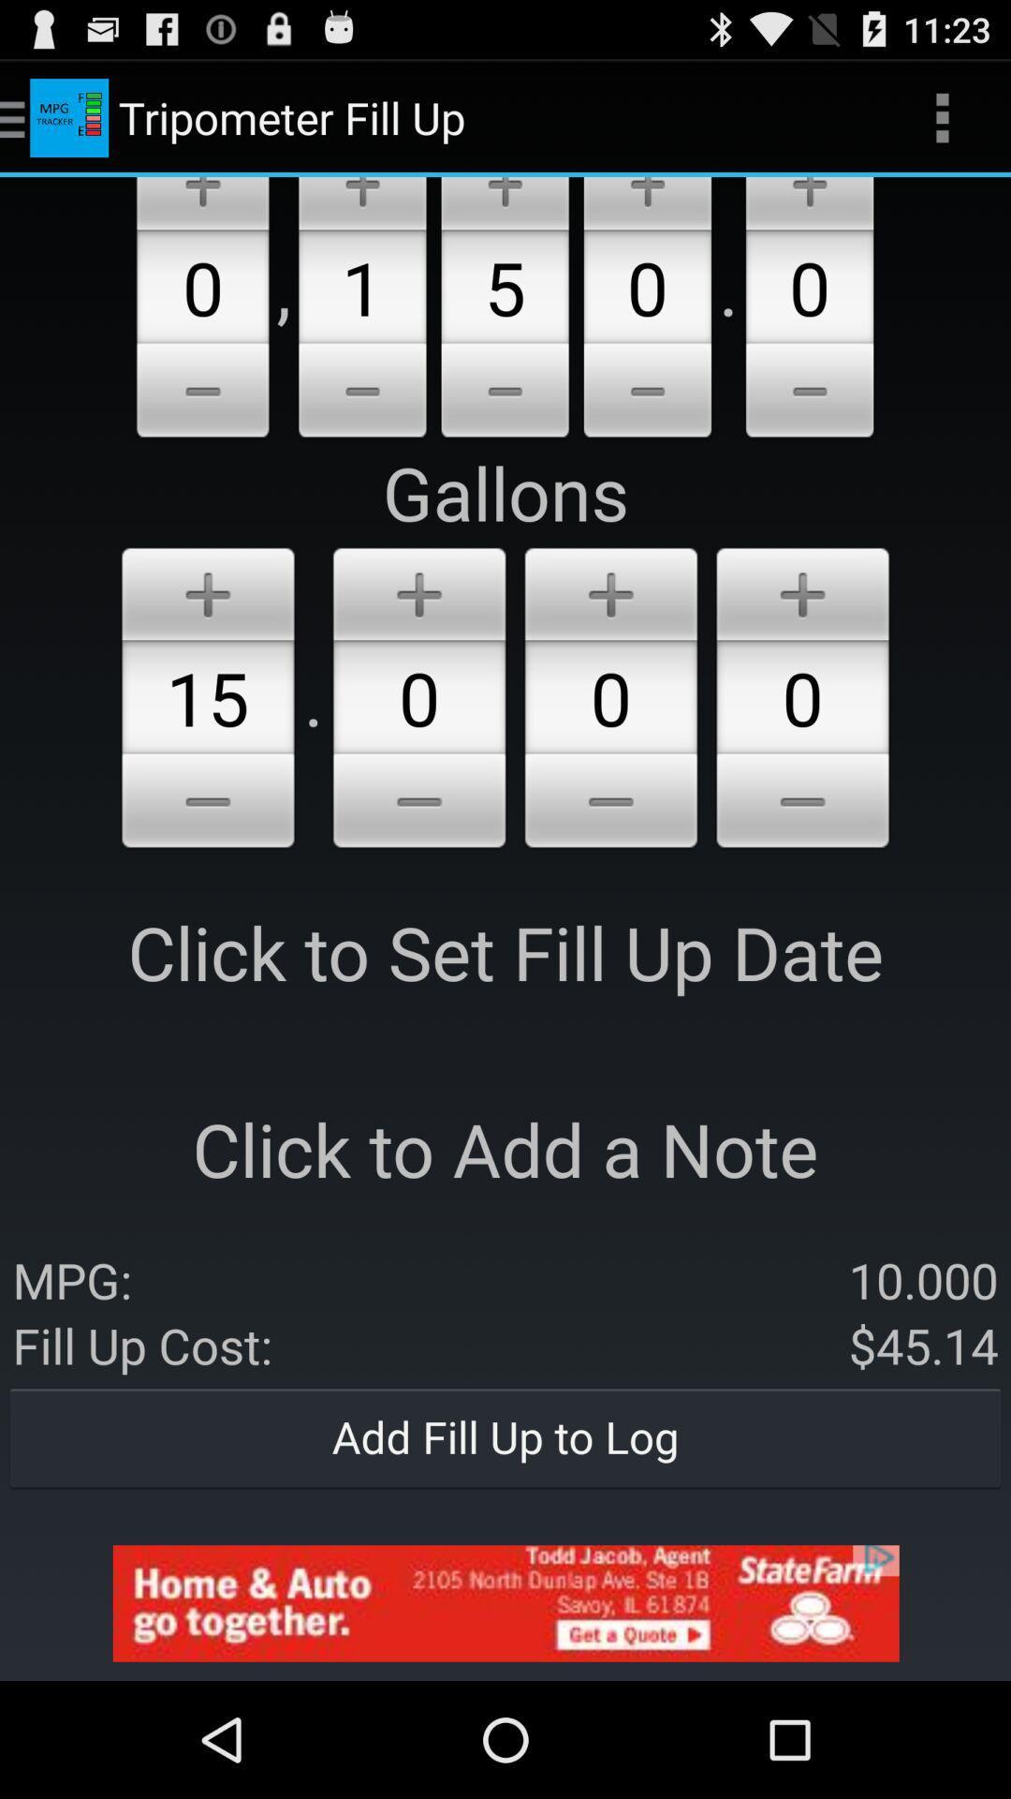  I want to click on fill up to the date, so click(208, 804).